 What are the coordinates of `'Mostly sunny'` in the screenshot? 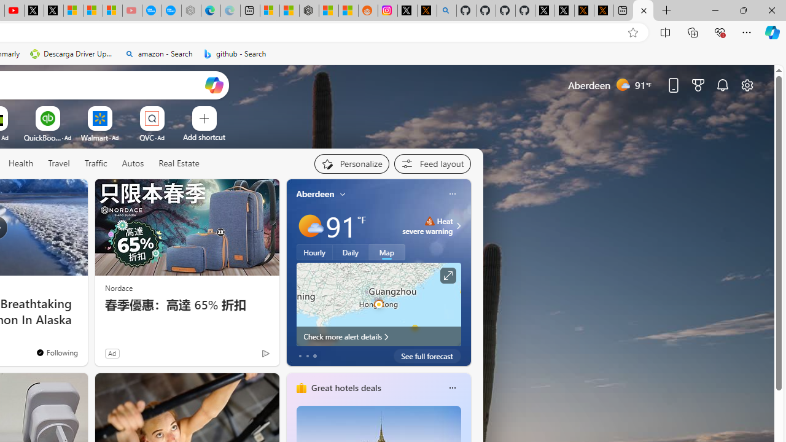 It's located at (309, 226).